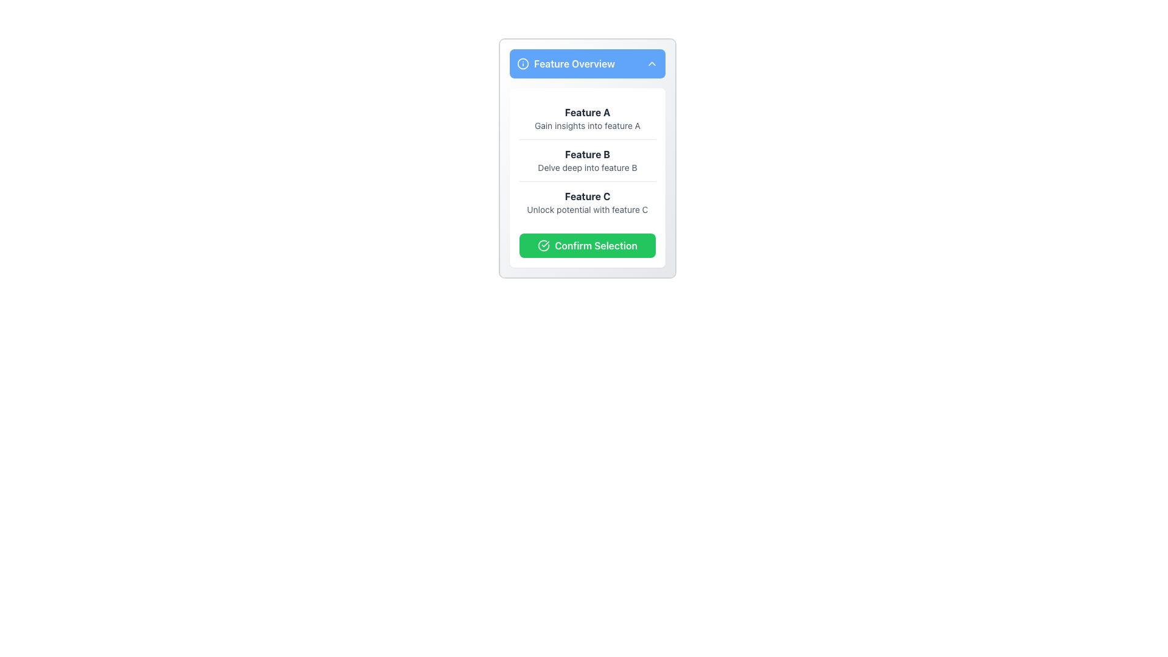  What do you see at coordinates (587, 245) in the screenshot?
I see `the confirm selection button located at the bottom of the card layout` at bounding box center [587, 245].